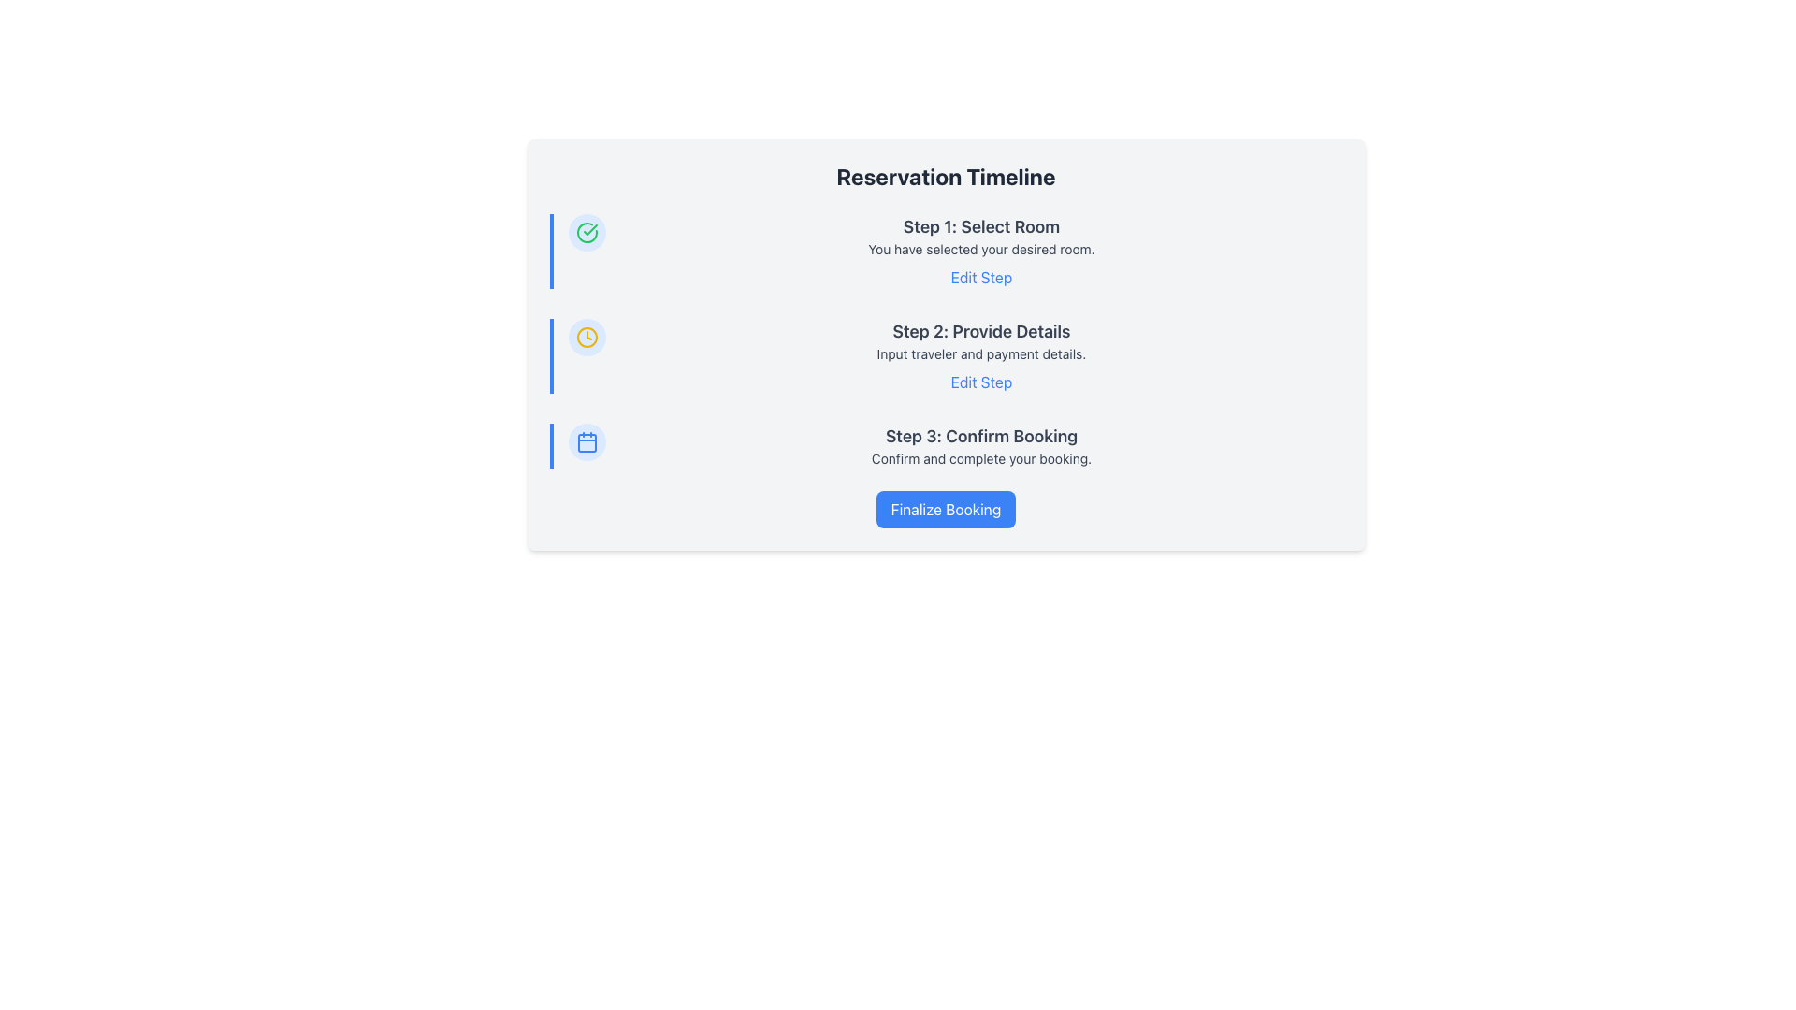 The width and height of the screenshot is (1796, 1010). Describe the element at coordinates (586, 442) in the screenshot. I see `the calendar icon with a blue outline and rounded edges, which is the last item in the timeline beside the label 'Step 3: Confirm Booking'` at that location.